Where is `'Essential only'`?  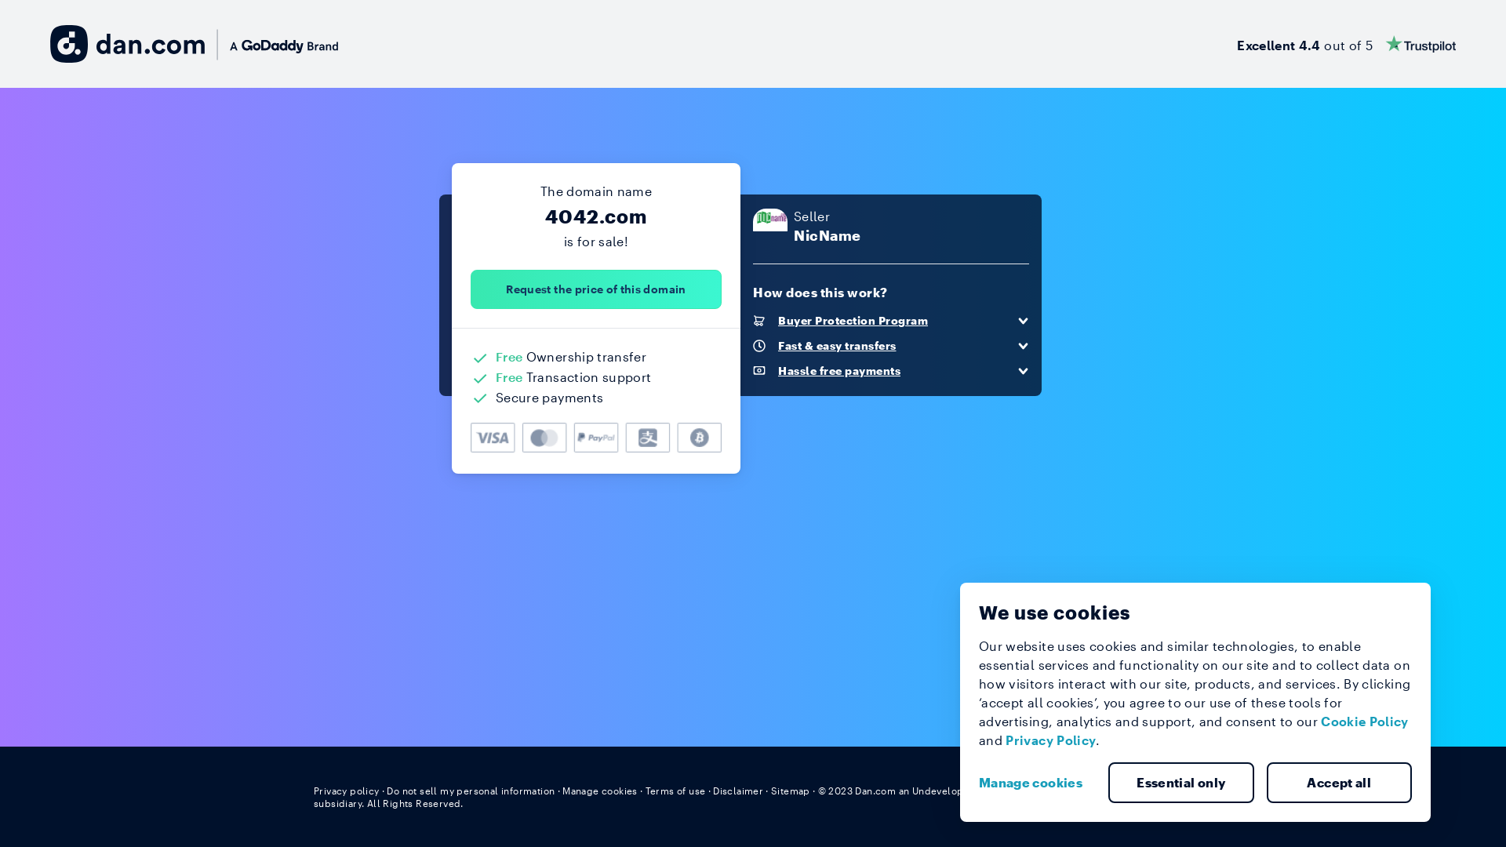
'Essential only' is located at coordinates (1181, 783).